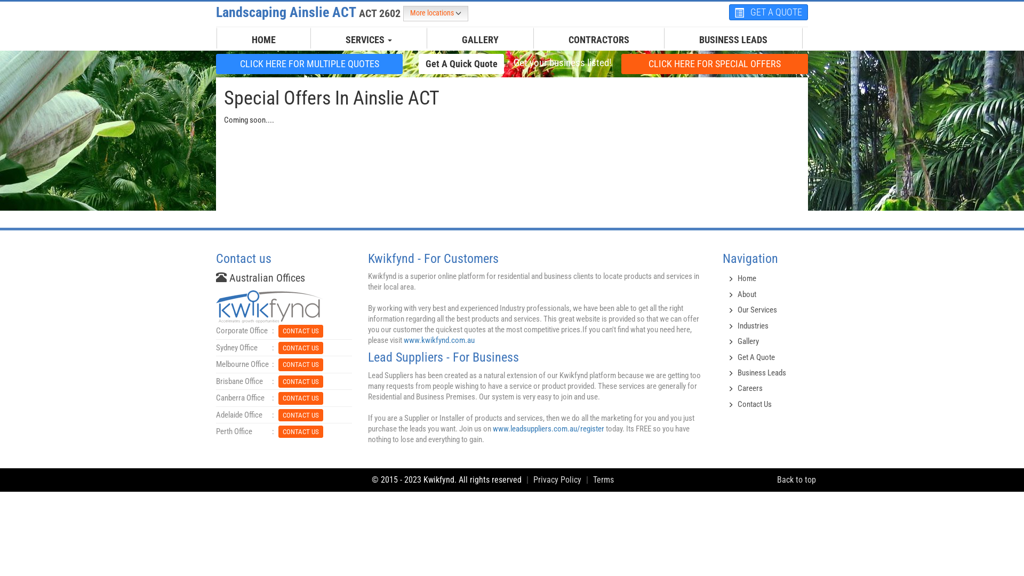  Describe the element at coordinates (557, 479) in the screenshot. I see `'Privacy Policy'` at that location.